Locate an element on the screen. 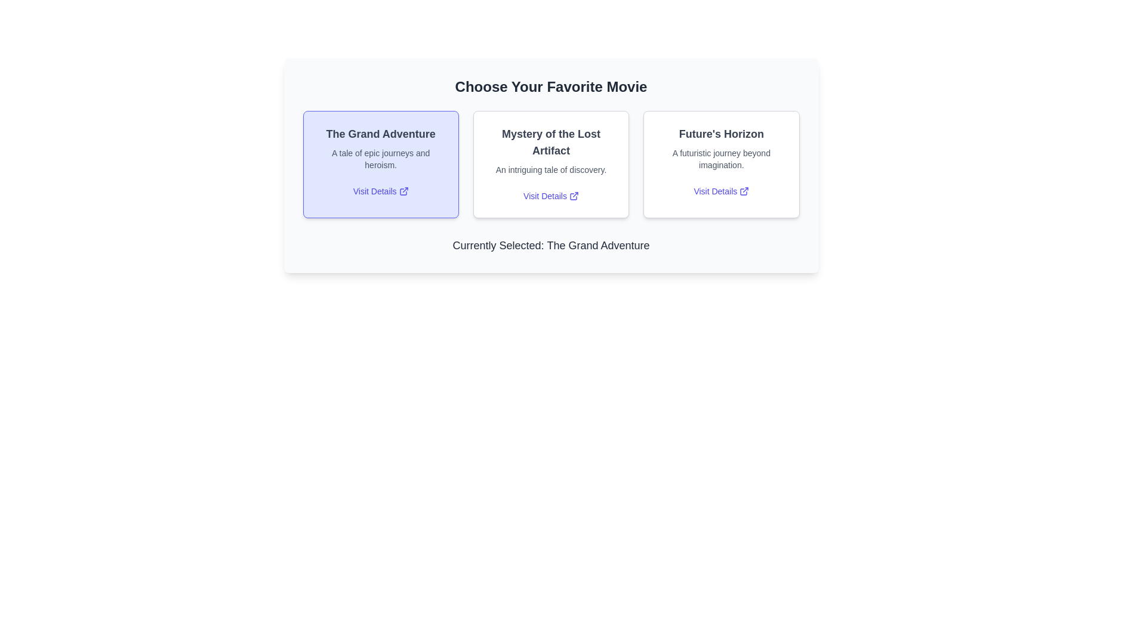  the text label displaying 'The Grand Adventure' which is part of the sentence 'Currently Selected: The Grand Adventure' for potential interaction is located at coordinates (598, 245).